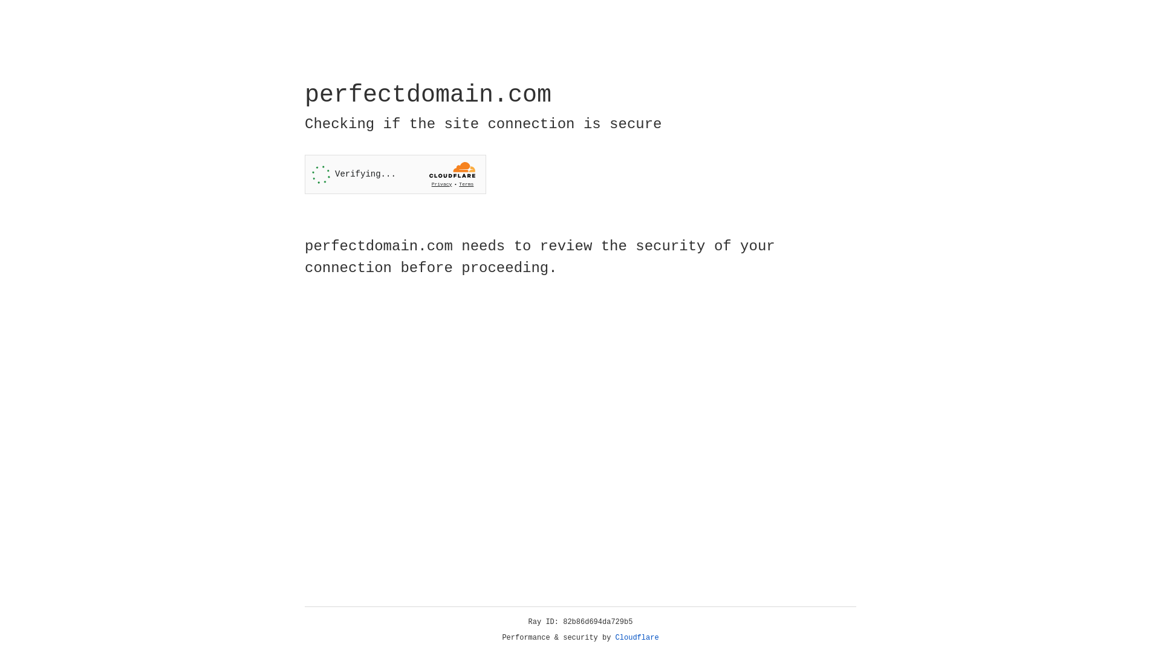 This screenshot has width=1161, height=653. Describe the element at coordinates (395, 174) in the screenshot. I see `'Widget containing a Cloudflare security challenge'` at that location.